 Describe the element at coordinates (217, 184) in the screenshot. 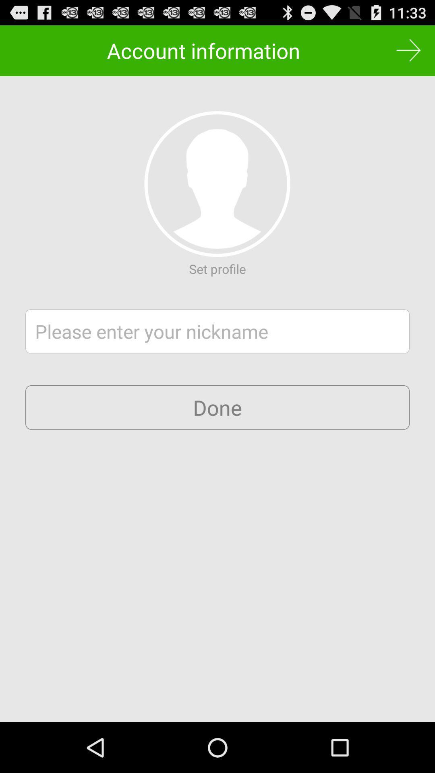

I see `set profile picture` at that location.